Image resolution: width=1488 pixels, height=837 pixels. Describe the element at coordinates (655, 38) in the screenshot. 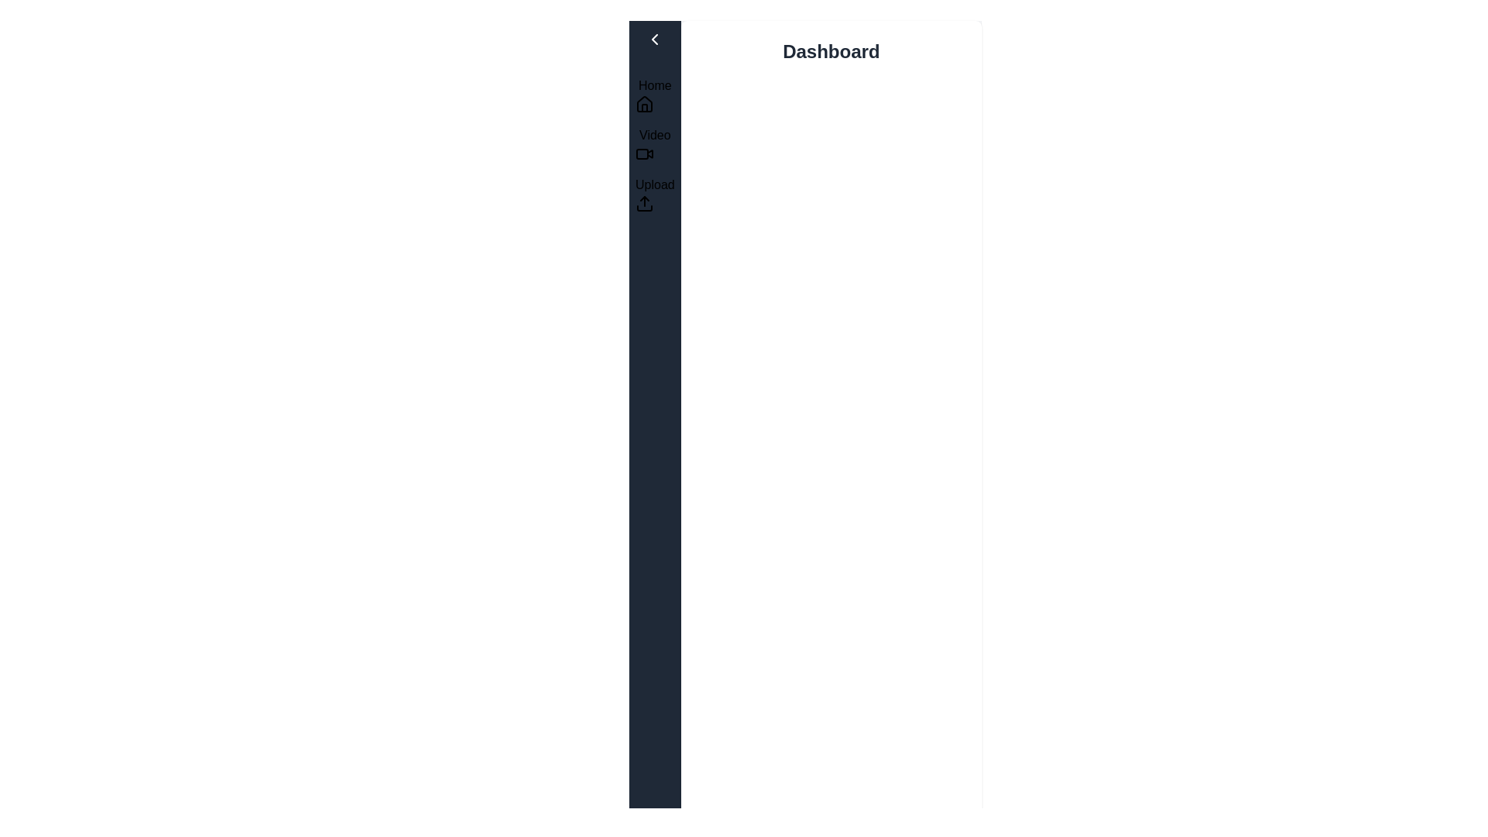

I see `the chevron icon button located at the top-left corner of the sidebar` at that location.